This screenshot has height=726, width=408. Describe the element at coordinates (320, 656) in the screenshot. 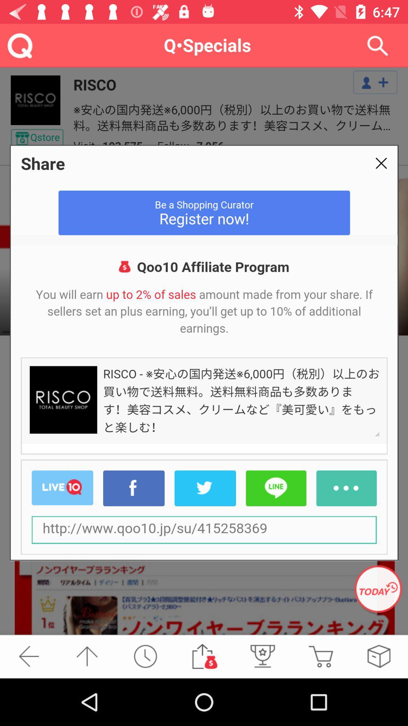

I see `the cart icon` at that location.